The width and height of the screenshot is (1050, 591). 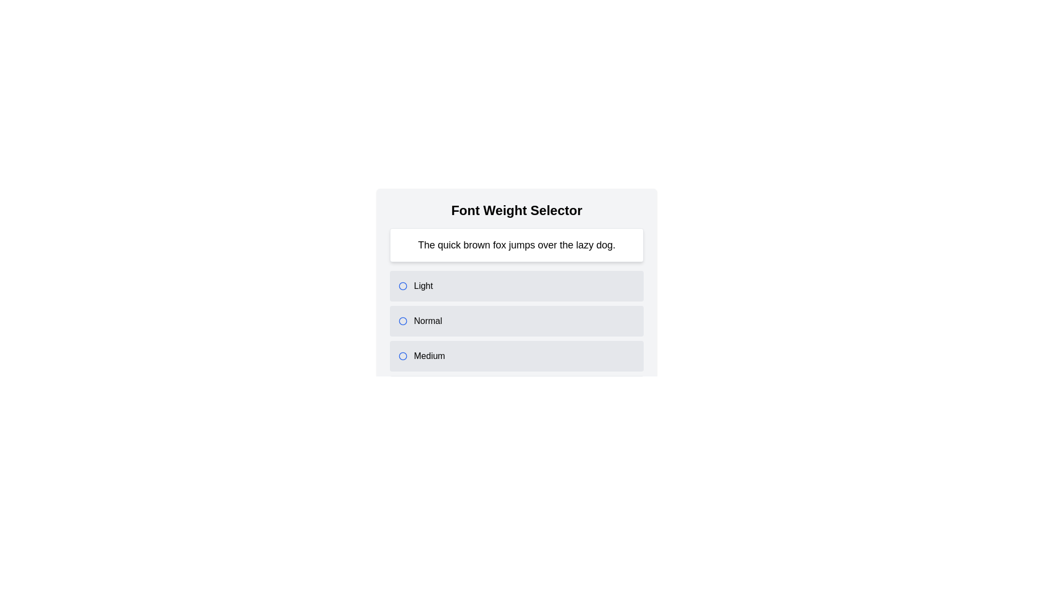 What do you see at coordinates (427, 320) in the screenshot?
I see `text of the label indicating the font weight option, which is the second option in the selectable group between 'Light' and 'Medium'` at bounding box center [427, 320].